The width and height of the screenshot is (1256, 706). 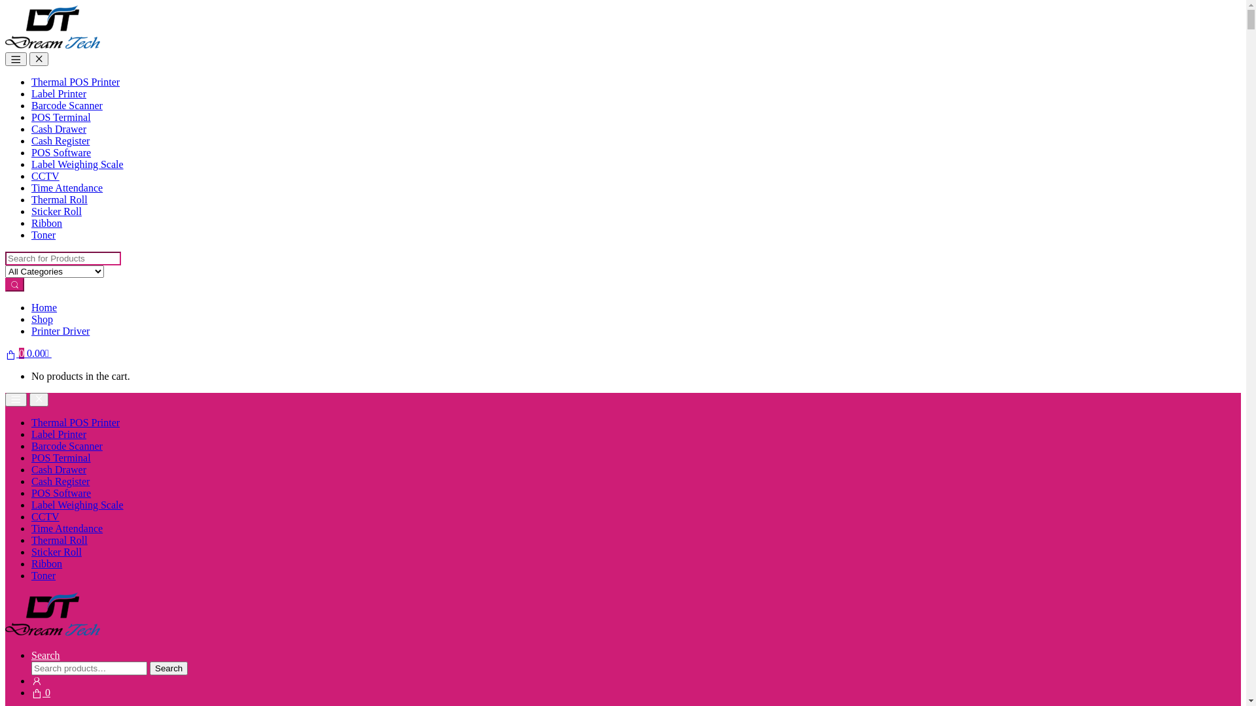 What do you see at coordinates (46, 655) in the screenshot?
I see `'Search'` at bounding box center [46, 655].